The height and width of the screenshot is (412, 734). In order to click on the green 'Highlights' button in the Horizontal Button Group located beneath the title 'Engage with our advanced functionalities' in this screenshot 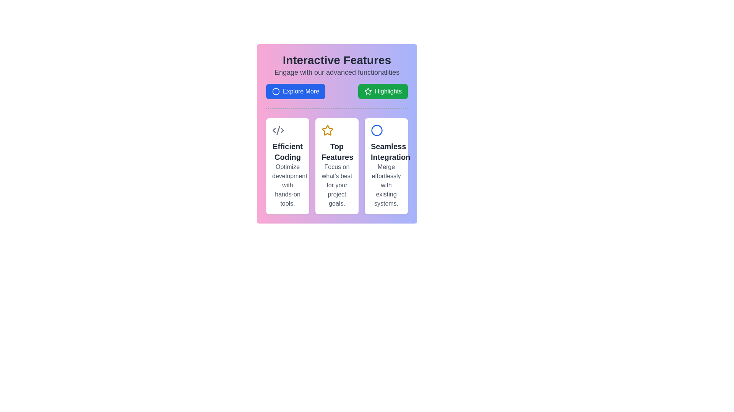, I will do `click(336, 91)`.